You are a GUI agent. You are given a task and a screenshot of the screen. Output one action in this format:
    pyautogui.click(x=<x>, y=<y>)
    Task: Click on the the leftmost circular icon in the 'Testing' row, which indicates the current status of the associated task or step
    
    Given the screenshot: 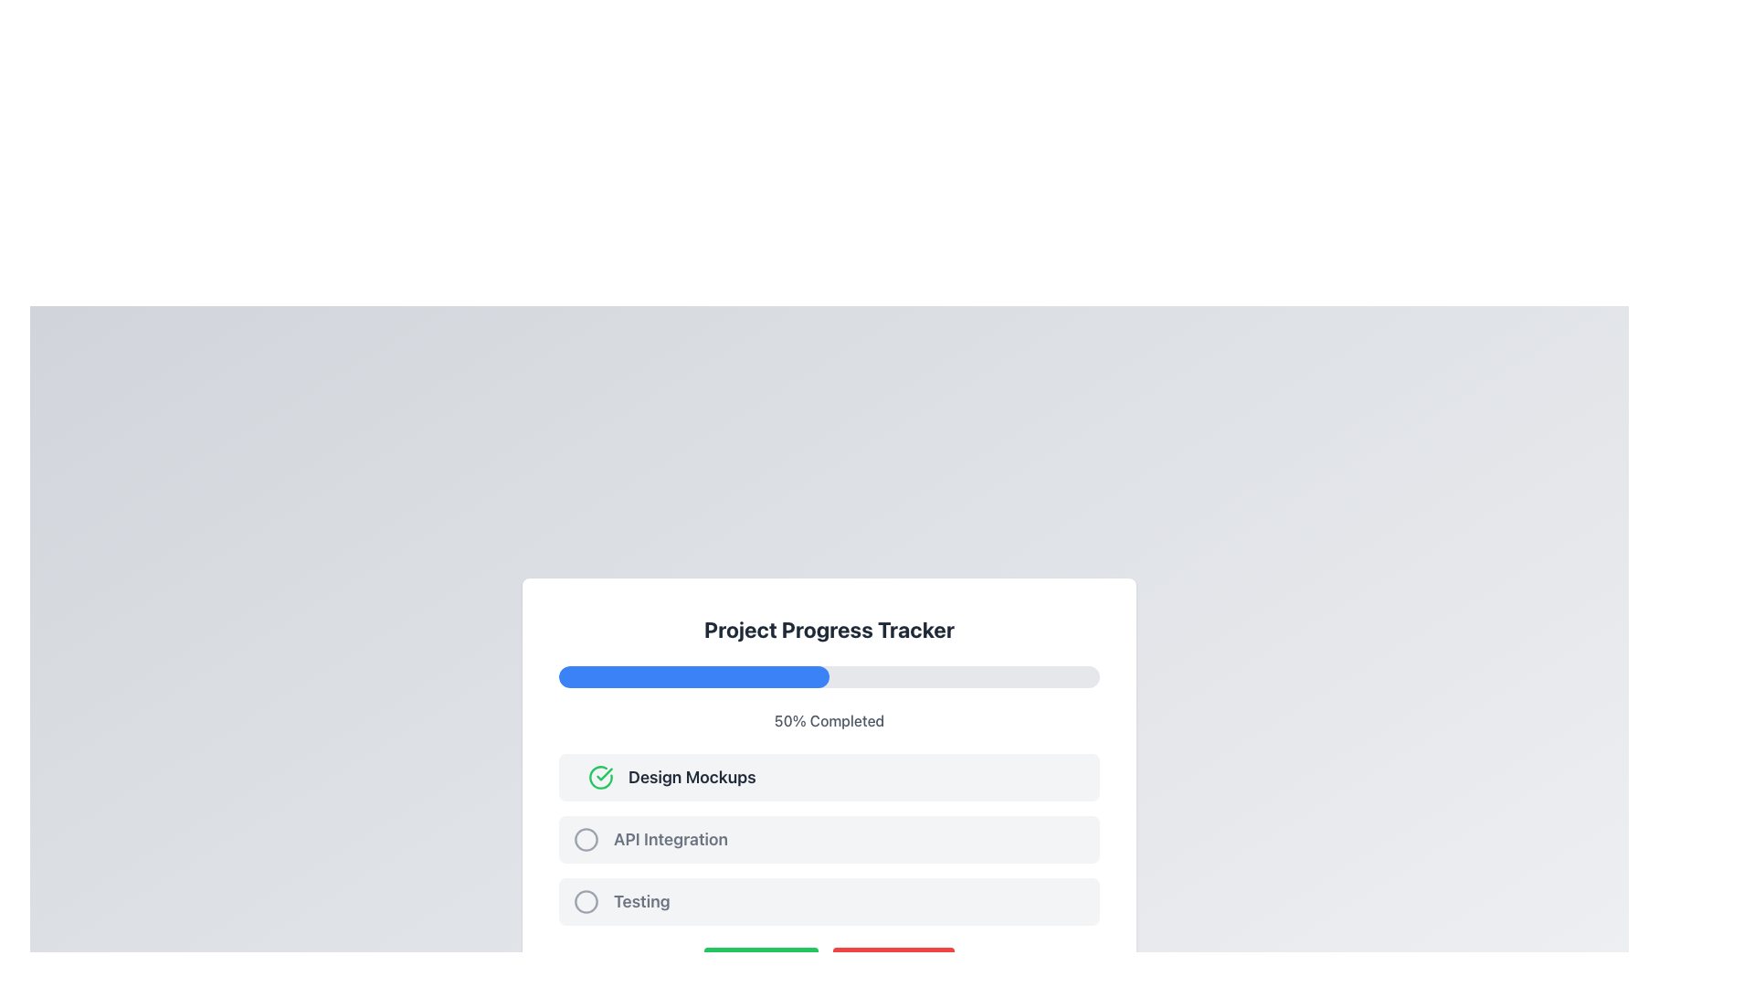 What is the action you would take?
    pyautogui.click(x=586, y=901)
    